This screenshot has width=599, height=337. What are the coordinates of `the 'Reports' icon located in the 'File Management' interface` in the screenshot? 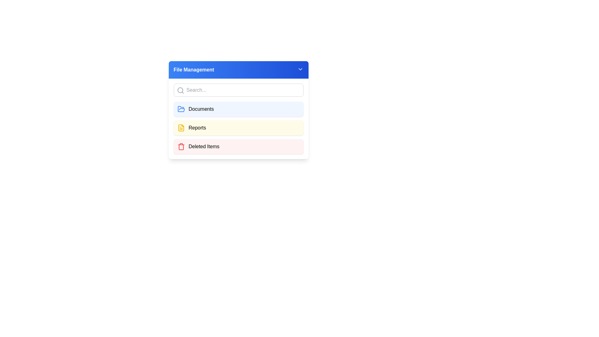 It's located at (181, 127).